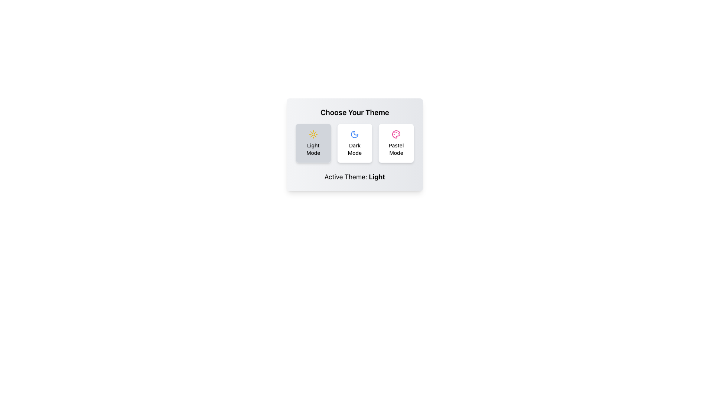  What do you see at coordinates (313, 149) in the screenshot?
I see `the text label that indicates the light mode option, located beneath the sun icon in the leftmost third of the options, which has a distinct background color and rounded corners` at bounding box center [313, 149].